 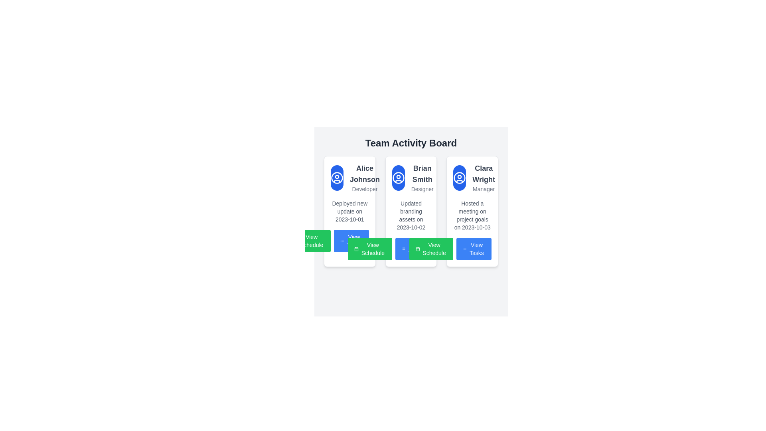 What do you see at coordinates (411, 215) in the screenshot?
I see `the static text displaying 'Updated branding assets on 2023-10-02' located within the card labeled 'Brian Smith - Designer', situated beneath the user's role description and above the action buttons` at bounding box center [411, 215].